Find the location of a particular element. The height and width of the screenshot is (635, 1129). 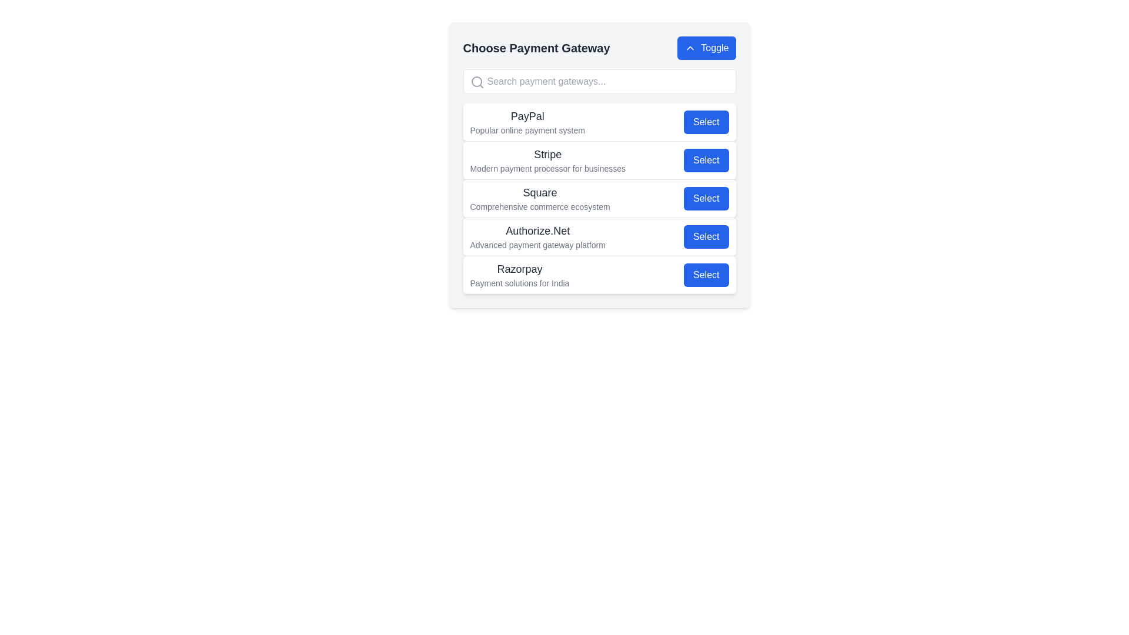

the Text label that names a payment gateway option, positioned centrally above its sibling element in a two-line description is located at coordinates (547, 153).